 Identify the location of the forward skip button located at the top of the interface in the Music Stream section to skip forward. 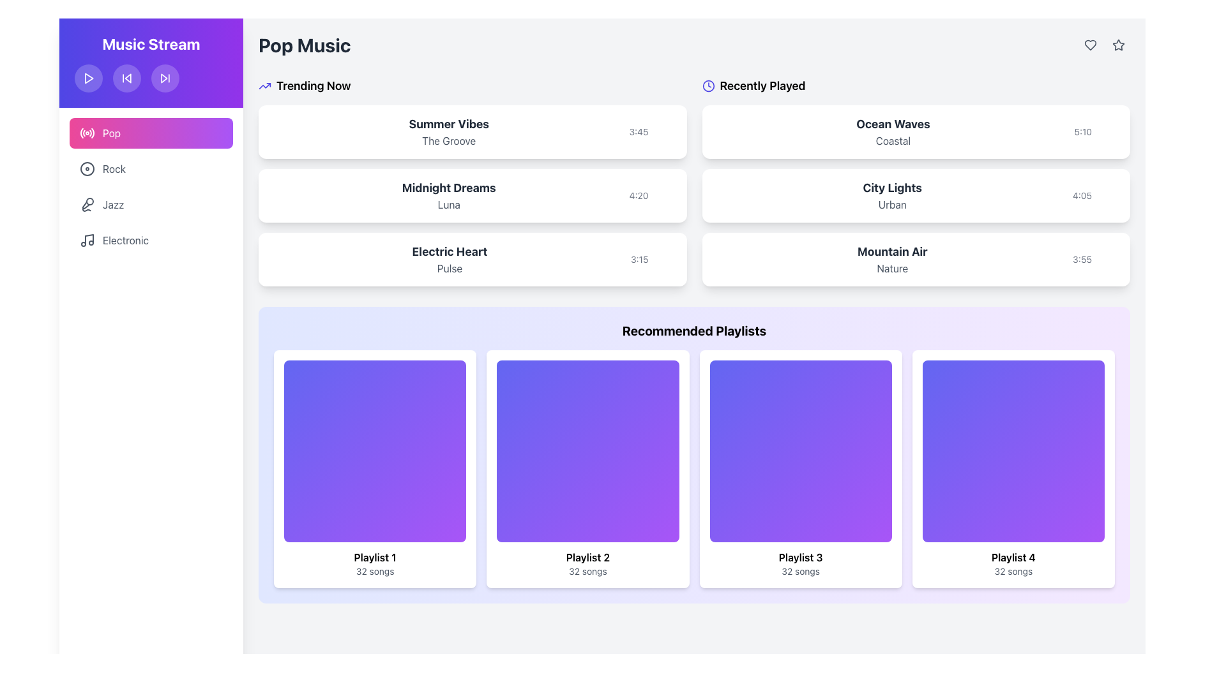
(165, 78).